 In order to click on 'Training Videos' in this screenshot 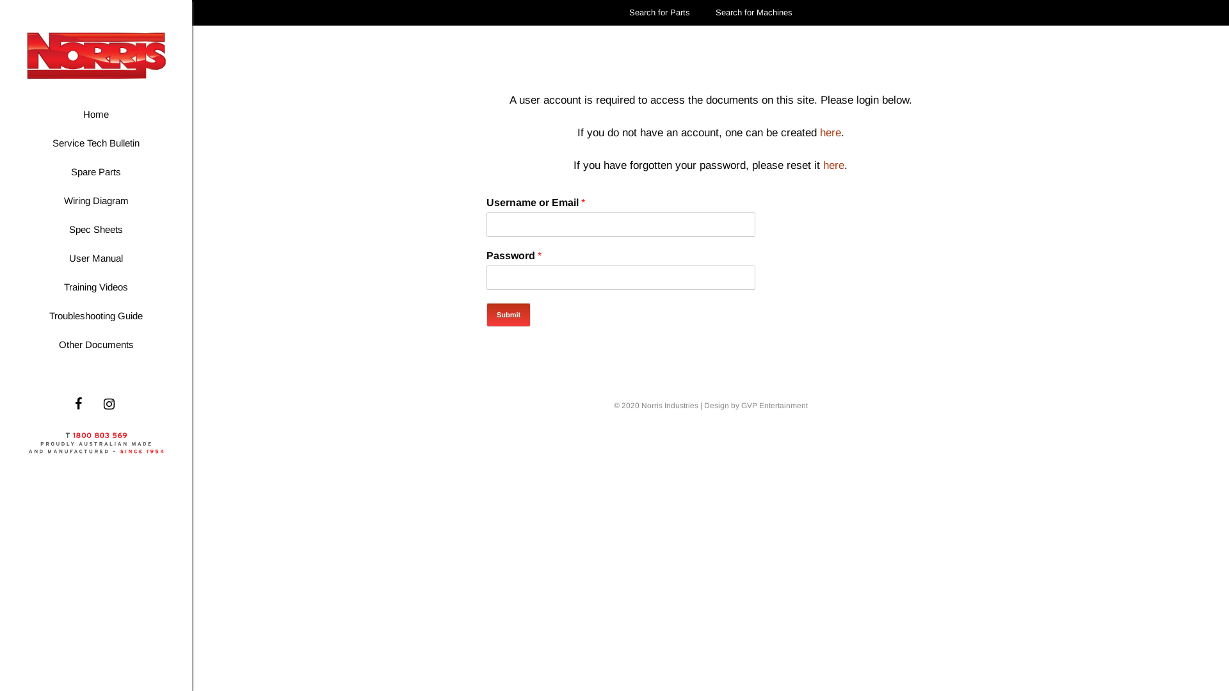, I will do `click(36, 286)`.